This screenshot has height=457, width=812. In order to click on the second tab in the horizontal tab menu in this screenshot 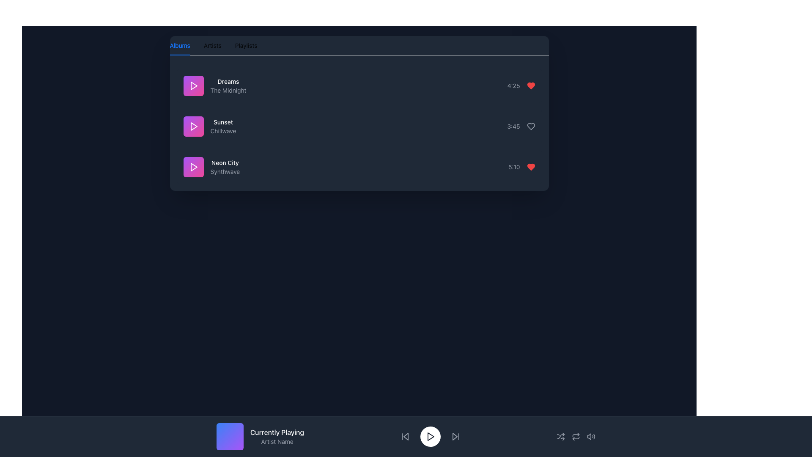, I will do `click(212, 46)`.